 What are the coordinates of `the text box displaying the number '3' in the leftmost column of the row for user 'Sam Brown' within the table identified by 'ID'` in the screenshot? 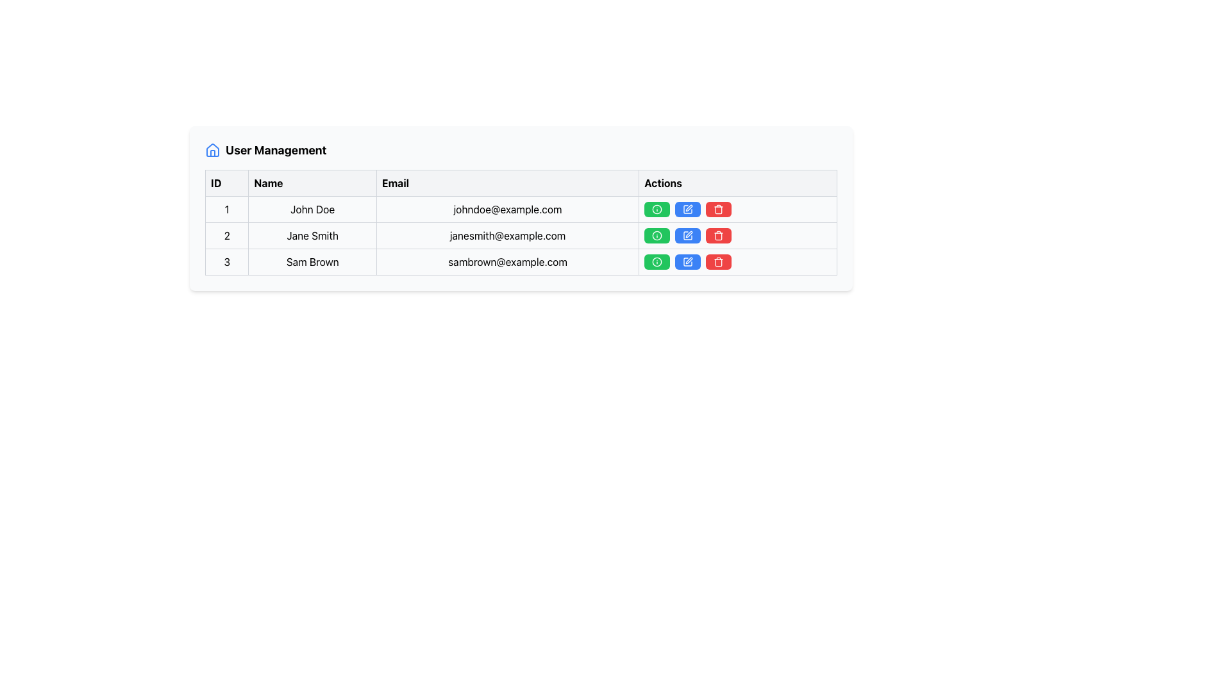 It's located at (227, 261).